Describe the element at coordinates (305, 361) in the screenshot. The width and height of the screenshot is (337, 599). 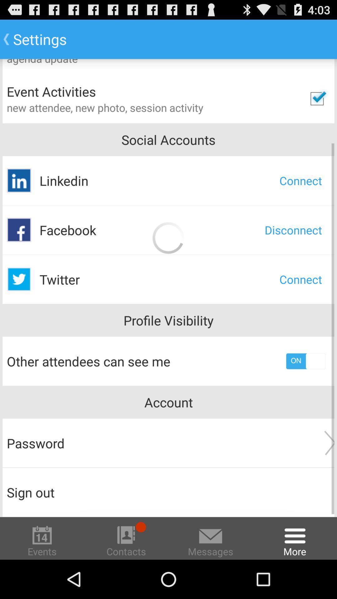
I see `item to the right of the other attendees can icon` at that location.